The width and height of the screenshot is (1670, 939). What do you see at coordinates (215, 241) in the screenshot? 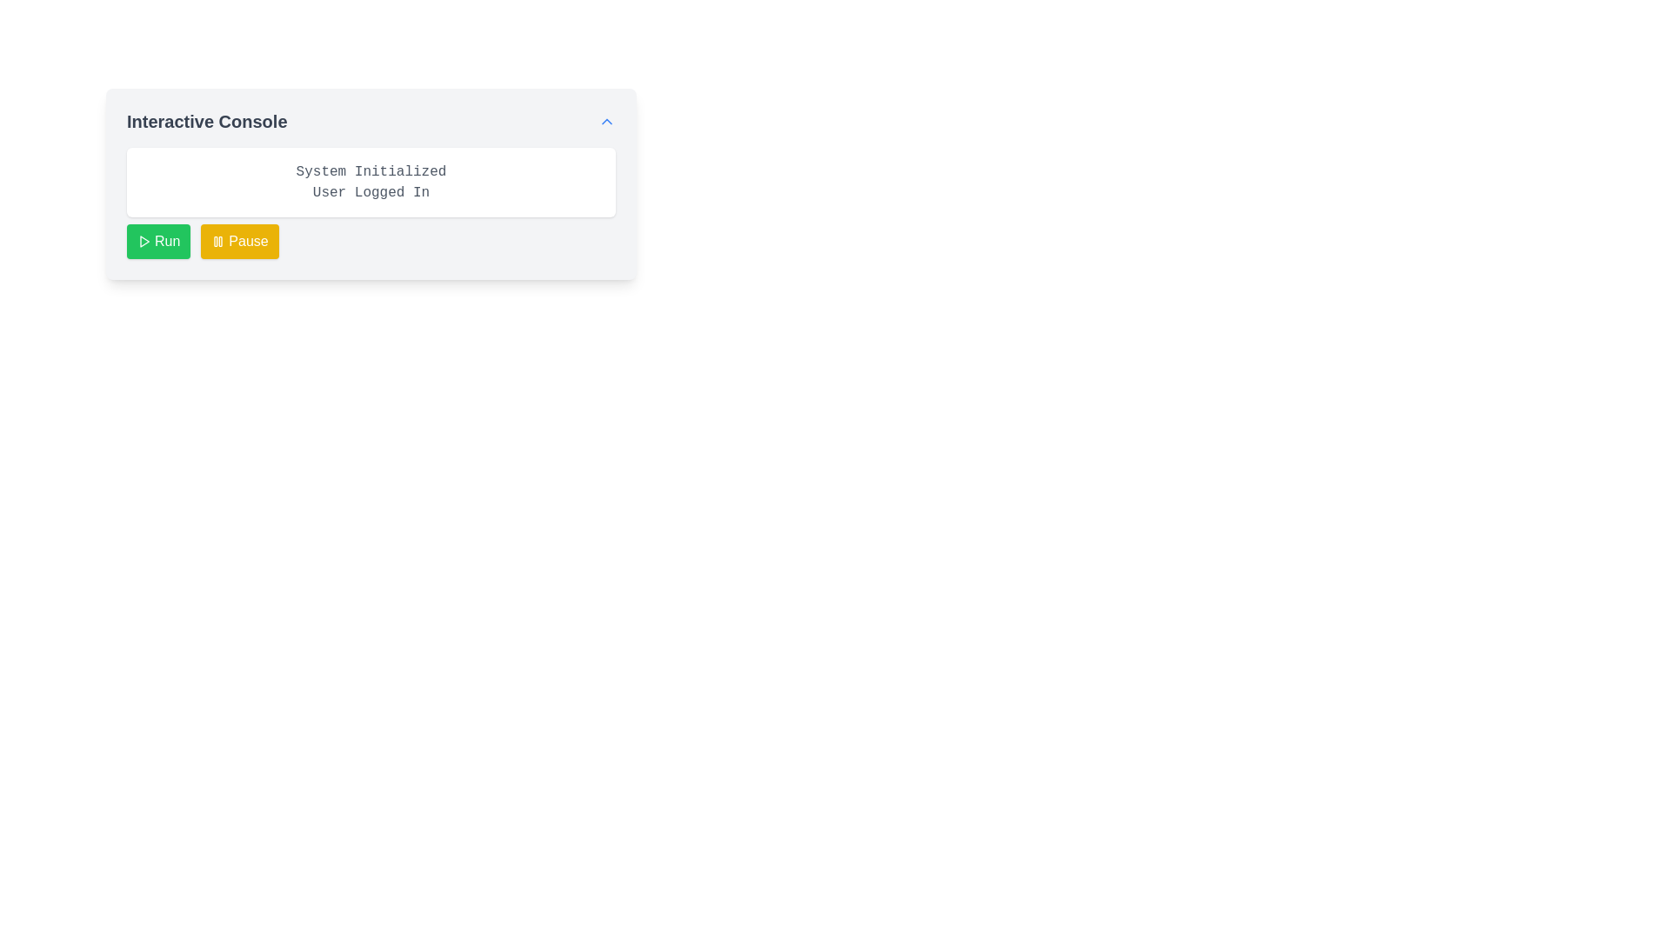
I see `the left rectangle of the pause icon, which is part of an SVG icon located in the middle-left region of the interface frame` at bounding box center [215, 241].